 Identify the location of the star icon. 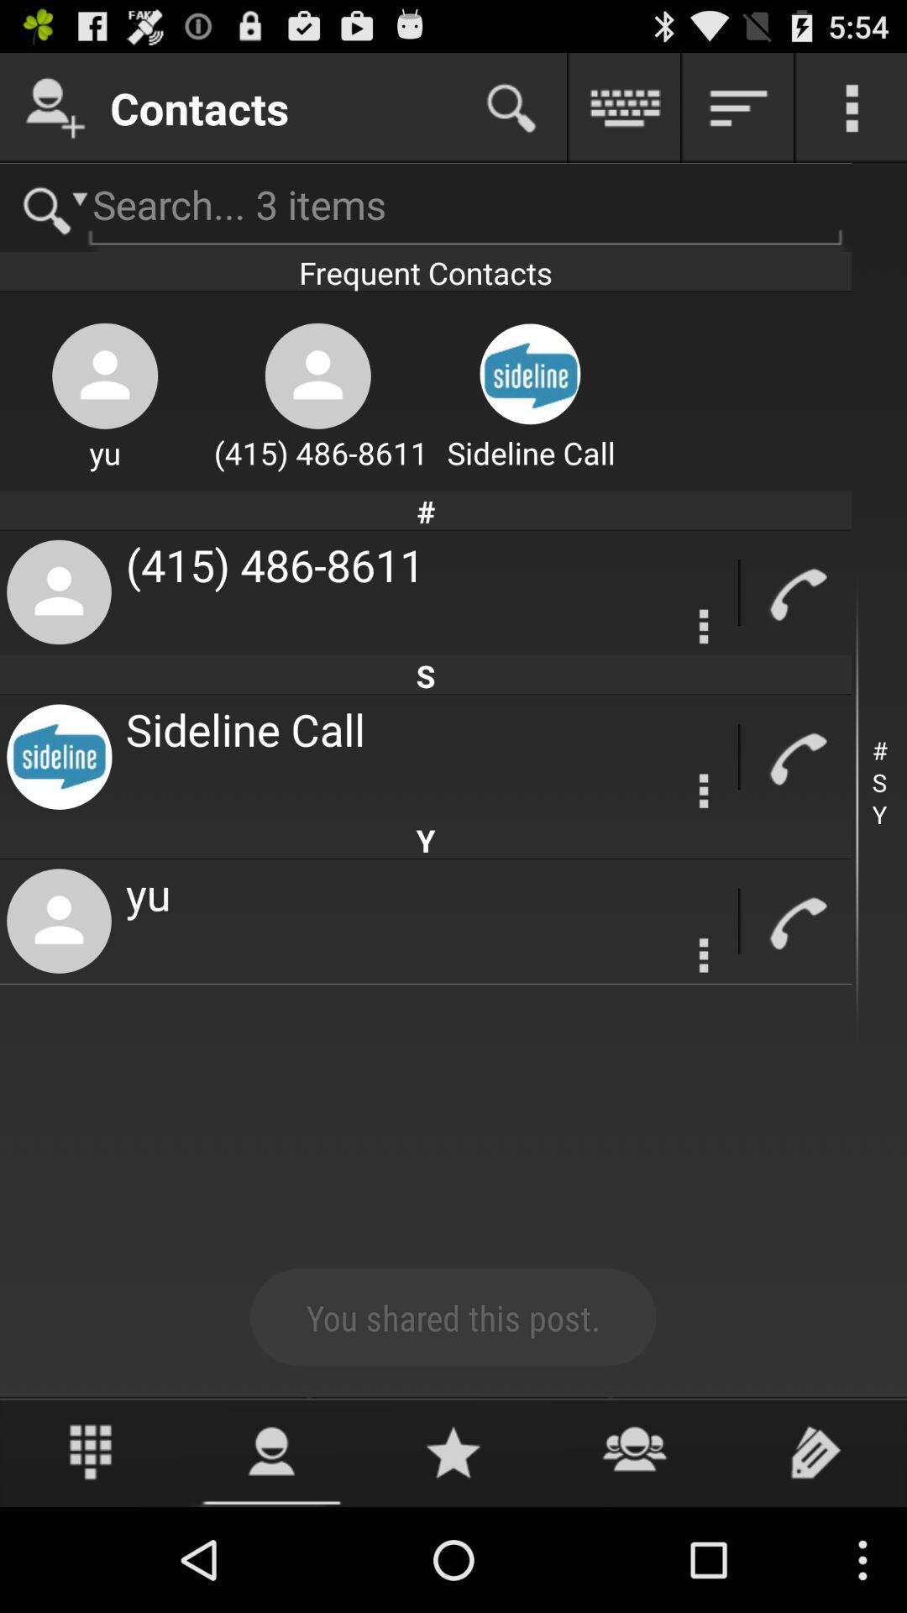
(453, 1553).